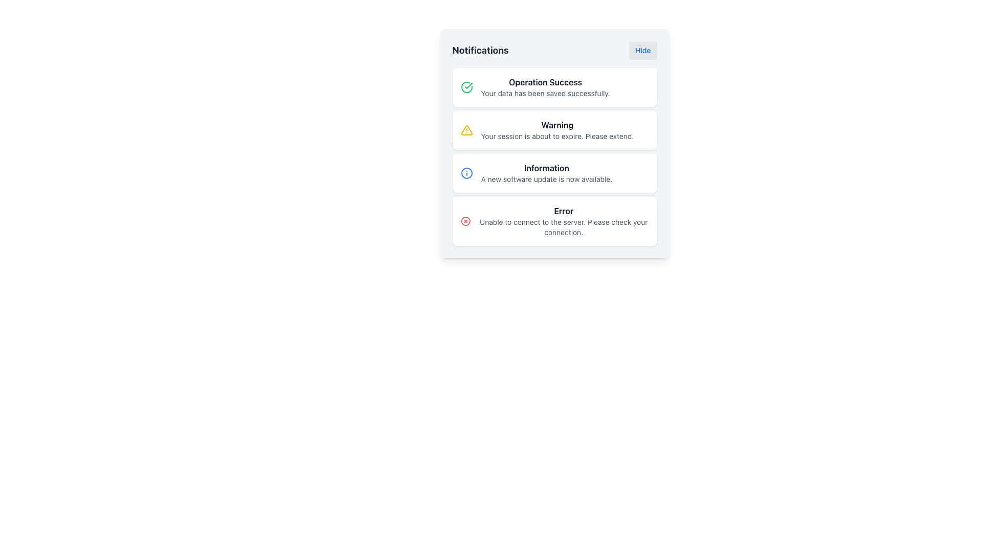 The height and width of the screenshot is (552, 982). Describe the element at coordinates (563, 210) in the screenshot. I see `the bold text label displaying 'Error' which indicates an error message within the notification panel` at that location.